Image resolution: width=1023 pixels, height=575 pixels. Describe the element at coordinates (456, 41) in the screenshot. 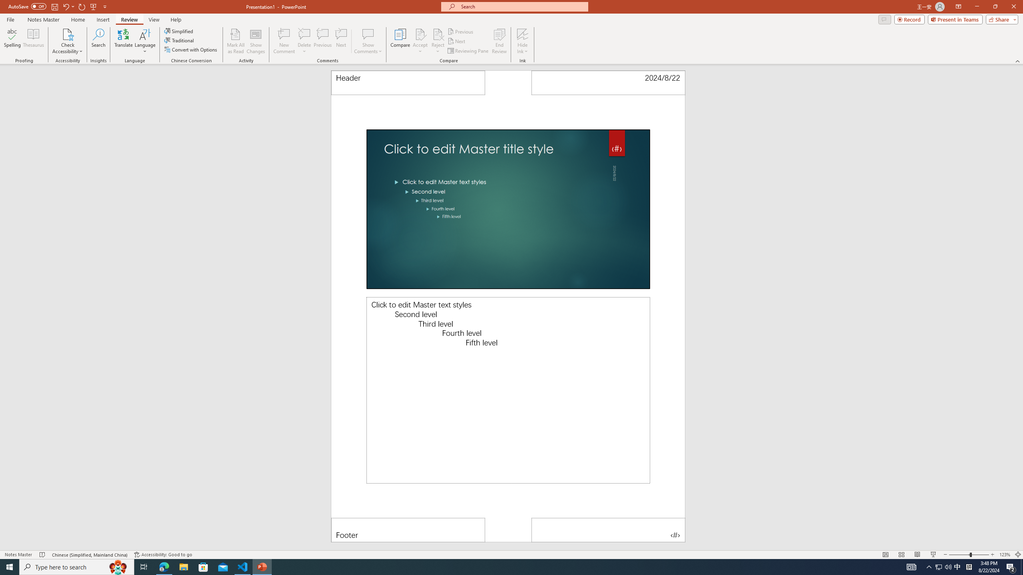

I see `'Next'` at that location.